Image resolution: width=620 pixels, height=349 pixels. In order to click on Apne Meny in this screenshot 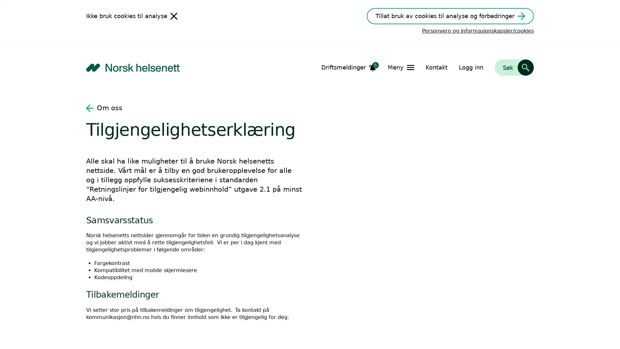, I will do `click(401, 67)`.